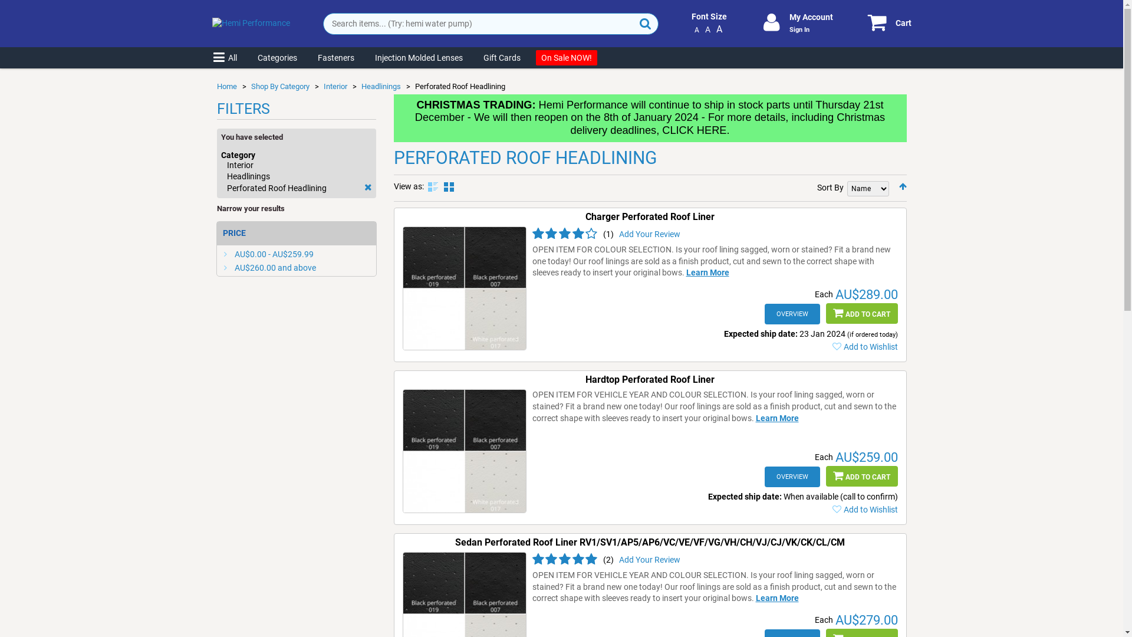 The height and width of the screenshot is (637, 1132). I want to click on 'Hemi Performance', so click(212, 22).